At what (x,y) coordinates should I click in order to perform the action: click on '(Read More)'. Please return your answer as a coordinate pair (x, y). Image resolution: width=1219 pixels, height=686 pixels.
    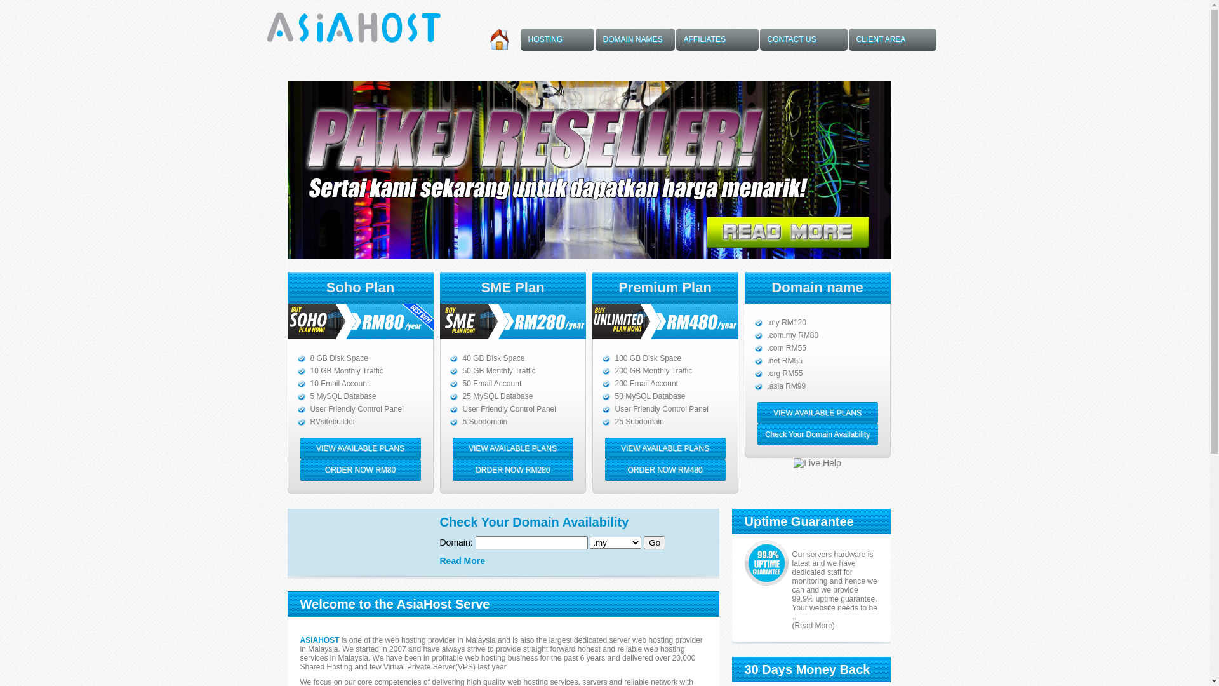
    Looking at the image, I should click on (813, 624).